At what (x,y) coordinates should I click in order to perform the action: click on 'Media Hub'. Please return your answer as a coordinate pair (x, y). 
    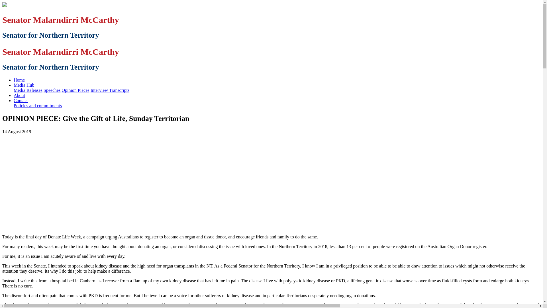
    Looking at the image, I should click on (23, 85).